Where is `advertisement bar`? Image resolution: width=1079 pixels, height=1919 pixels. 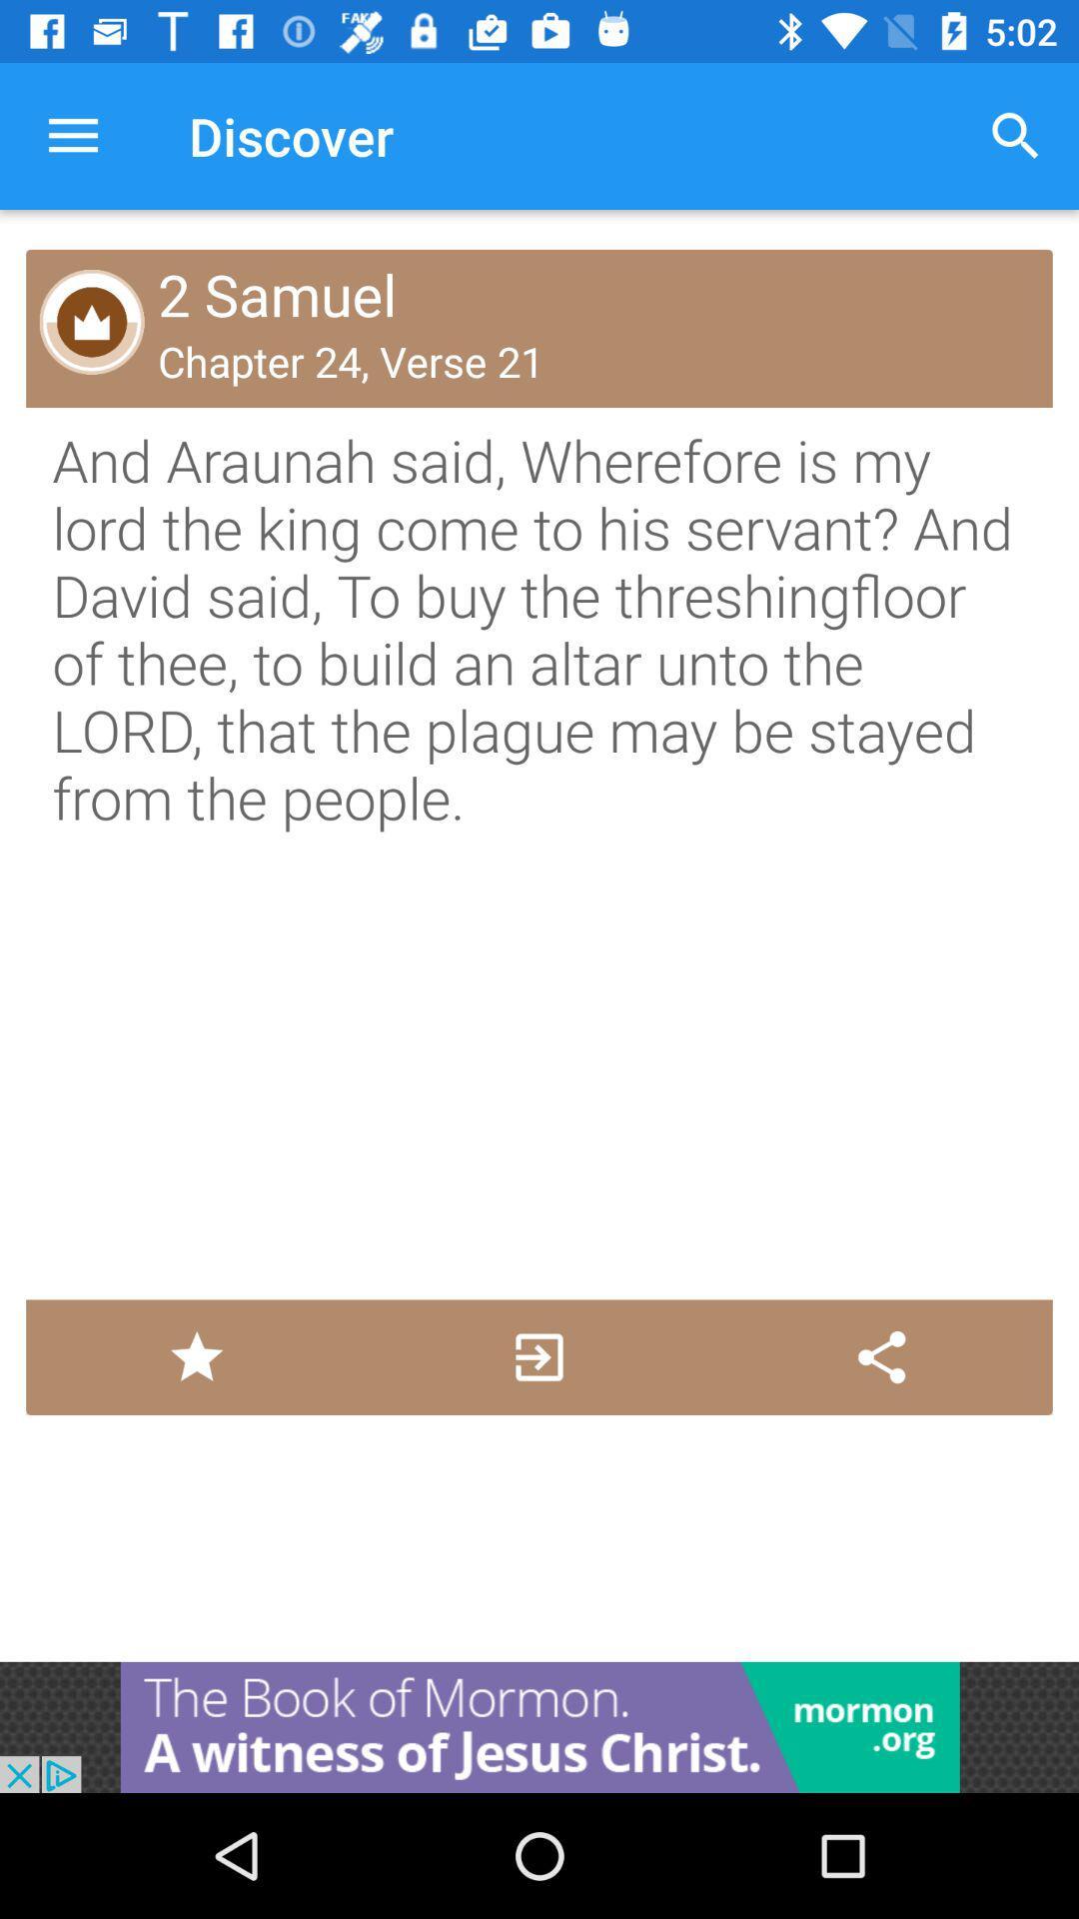 advertisement bar is located at coordinates (539, 1726).